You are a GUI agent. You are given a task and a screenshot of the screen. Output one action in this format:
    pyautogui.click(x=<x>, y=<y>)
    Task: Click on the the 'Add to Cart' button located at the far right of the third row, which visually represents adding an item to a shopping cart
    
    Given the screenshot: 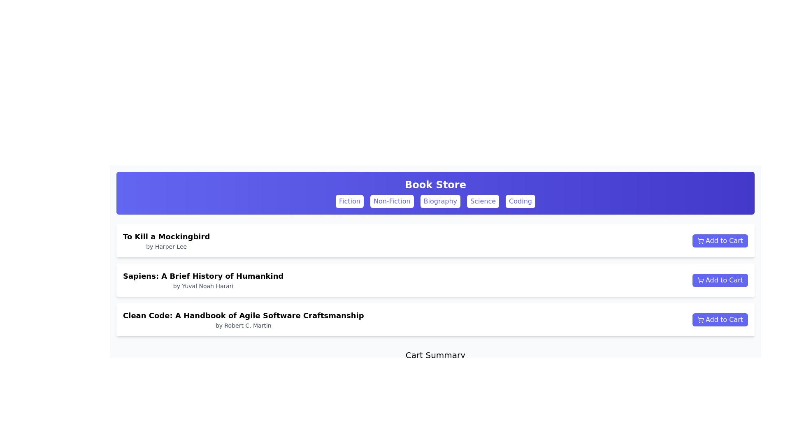 What is the action you would take?
    pyautogui.click(x=700, y=319)
    